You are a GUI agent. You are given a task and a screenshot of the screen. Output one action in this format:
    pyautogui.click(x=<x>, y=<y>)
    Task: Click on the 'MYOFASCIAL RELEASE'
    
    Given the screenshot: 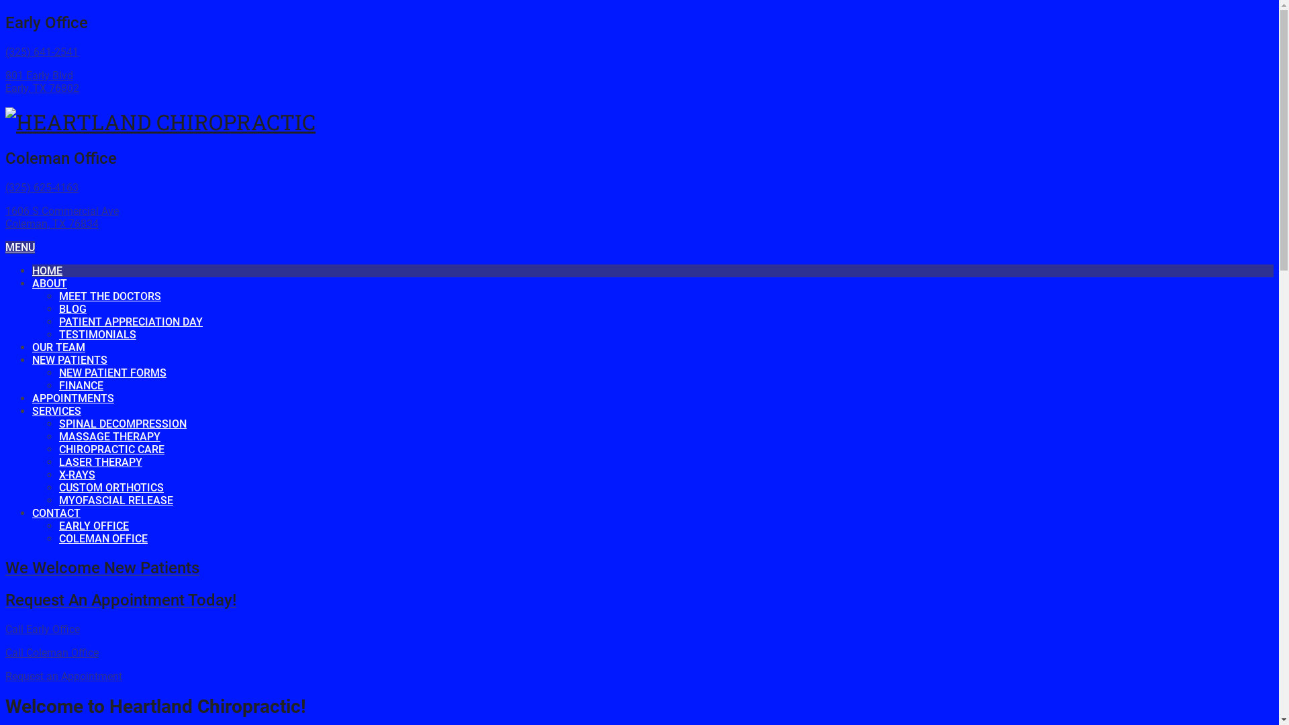 What is the action you would take?
    pyautogui.click(x=115, y=500)
    